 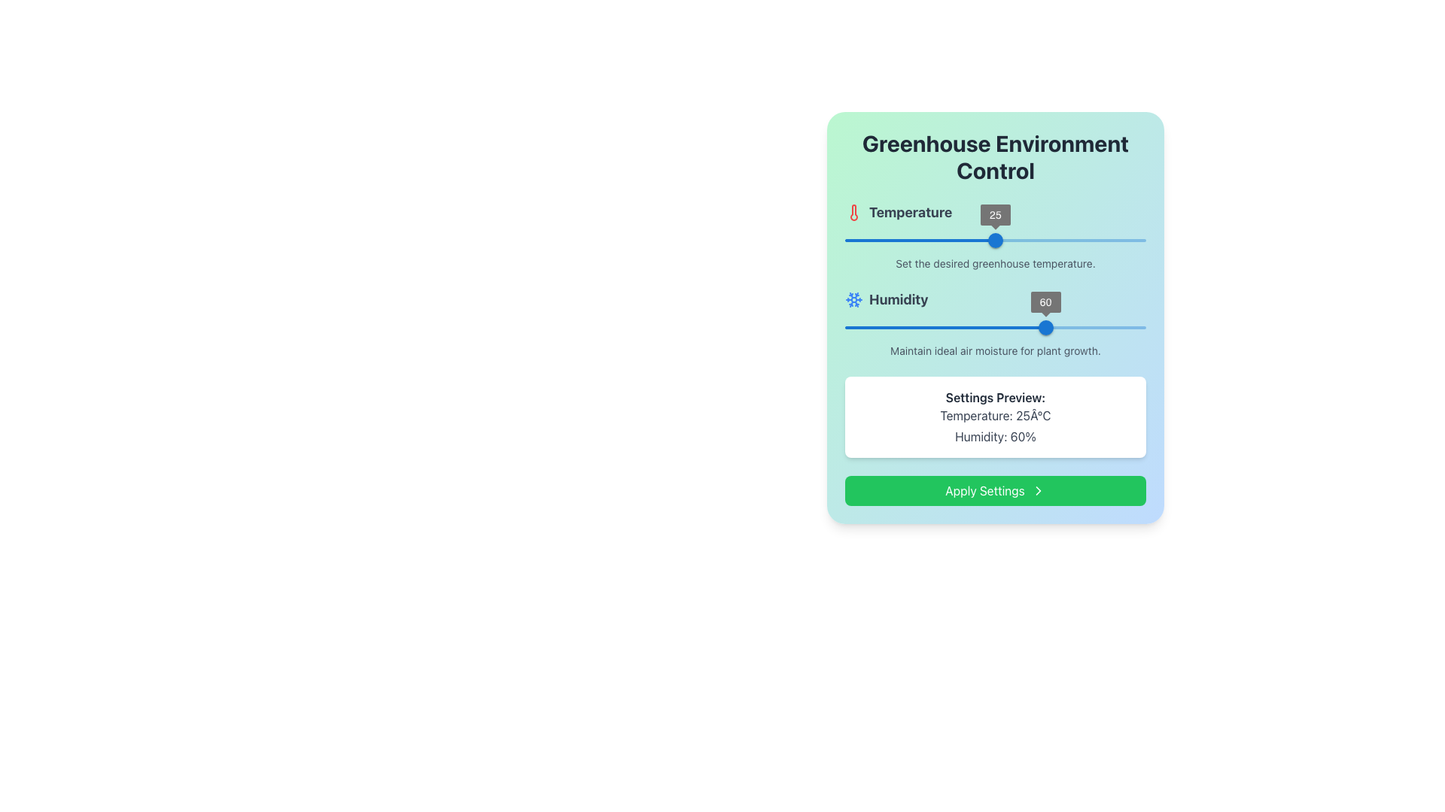 I want to click on the humidity level, so click(x=848, y=326).